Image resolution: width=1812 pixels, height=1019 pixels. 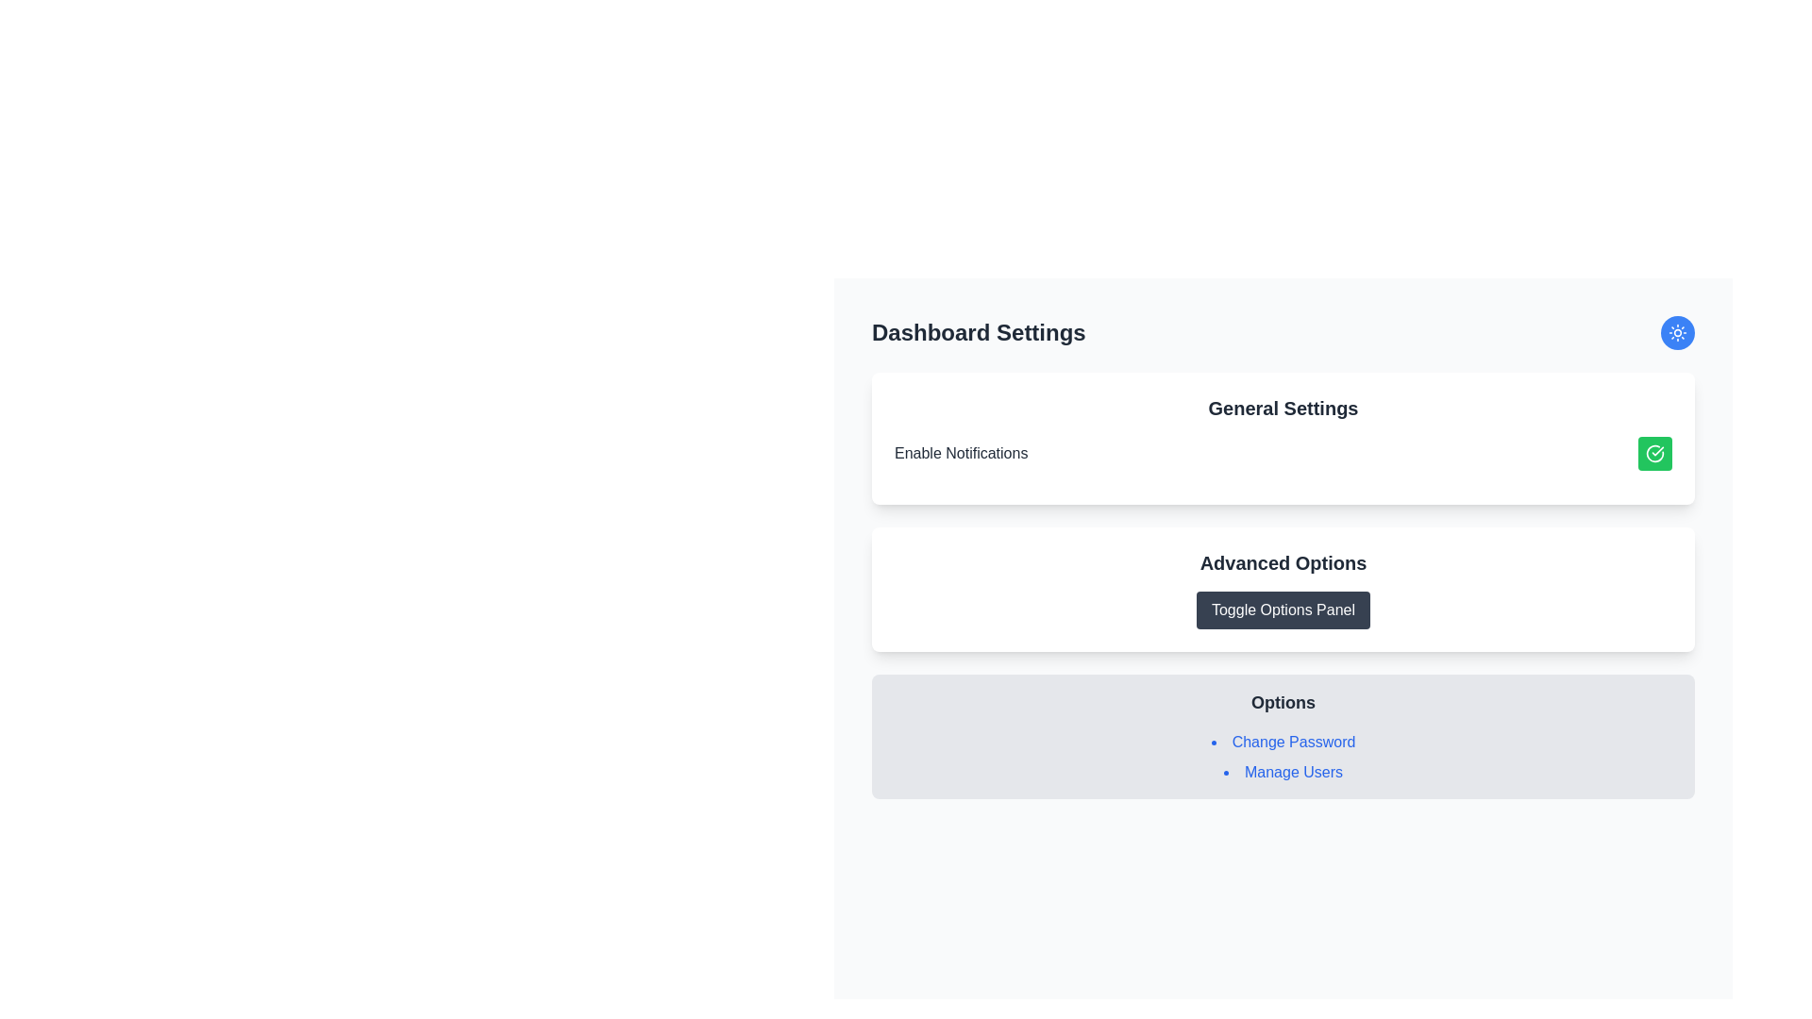 What do you see at coordinates (1283, 454) in the screenshot?
I see `the interactive component button related to enabling notifications` at bounding box center [1283, 454].